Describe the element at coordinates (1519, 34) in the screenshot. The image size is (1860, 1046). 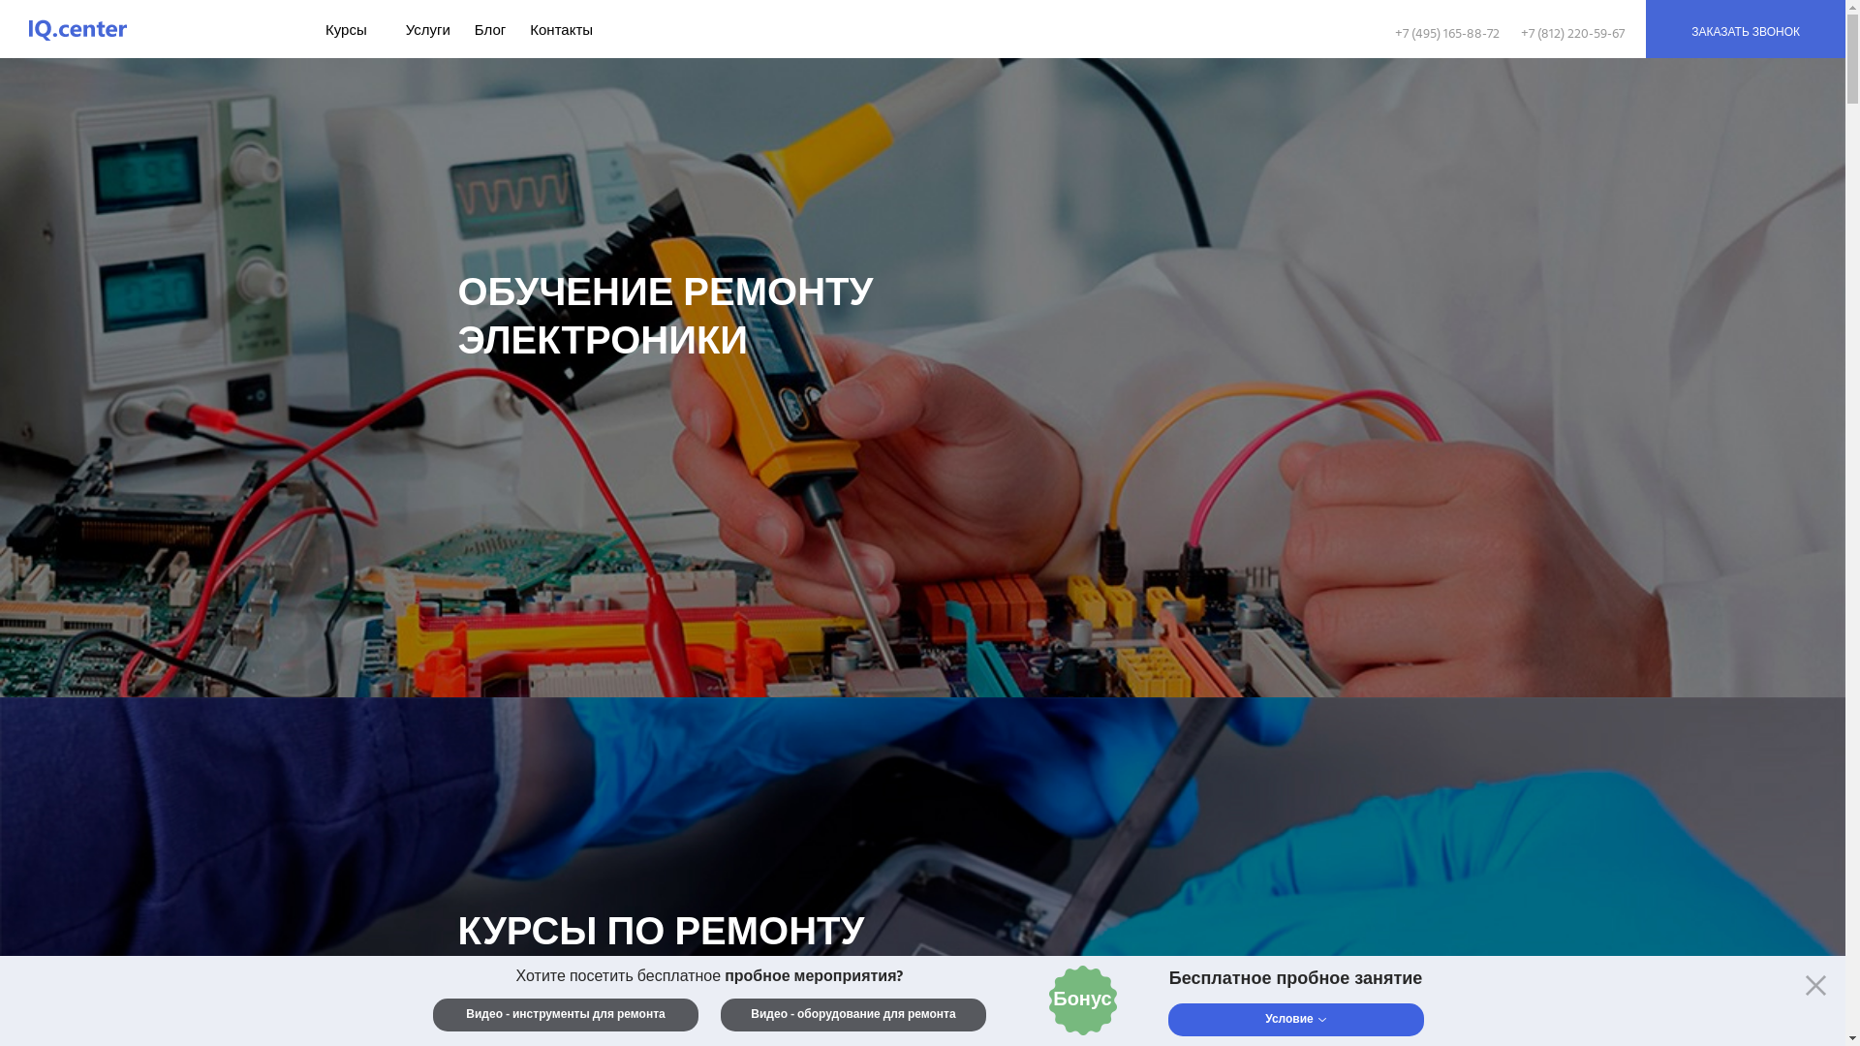
I see `'+7 (812) 220-59-67'` at that location.